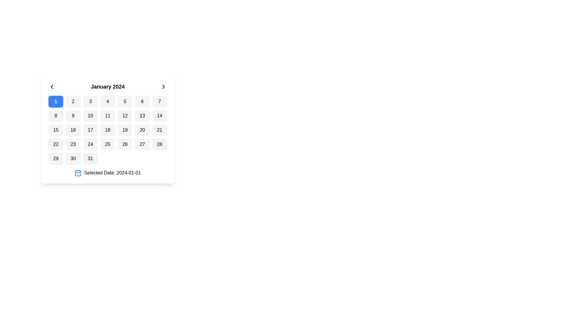 The width and height of the screenshot is (570, 321). I want to click on the calendar date button representing the 25th day of the month in the date-picker interface, so click(108, 144).